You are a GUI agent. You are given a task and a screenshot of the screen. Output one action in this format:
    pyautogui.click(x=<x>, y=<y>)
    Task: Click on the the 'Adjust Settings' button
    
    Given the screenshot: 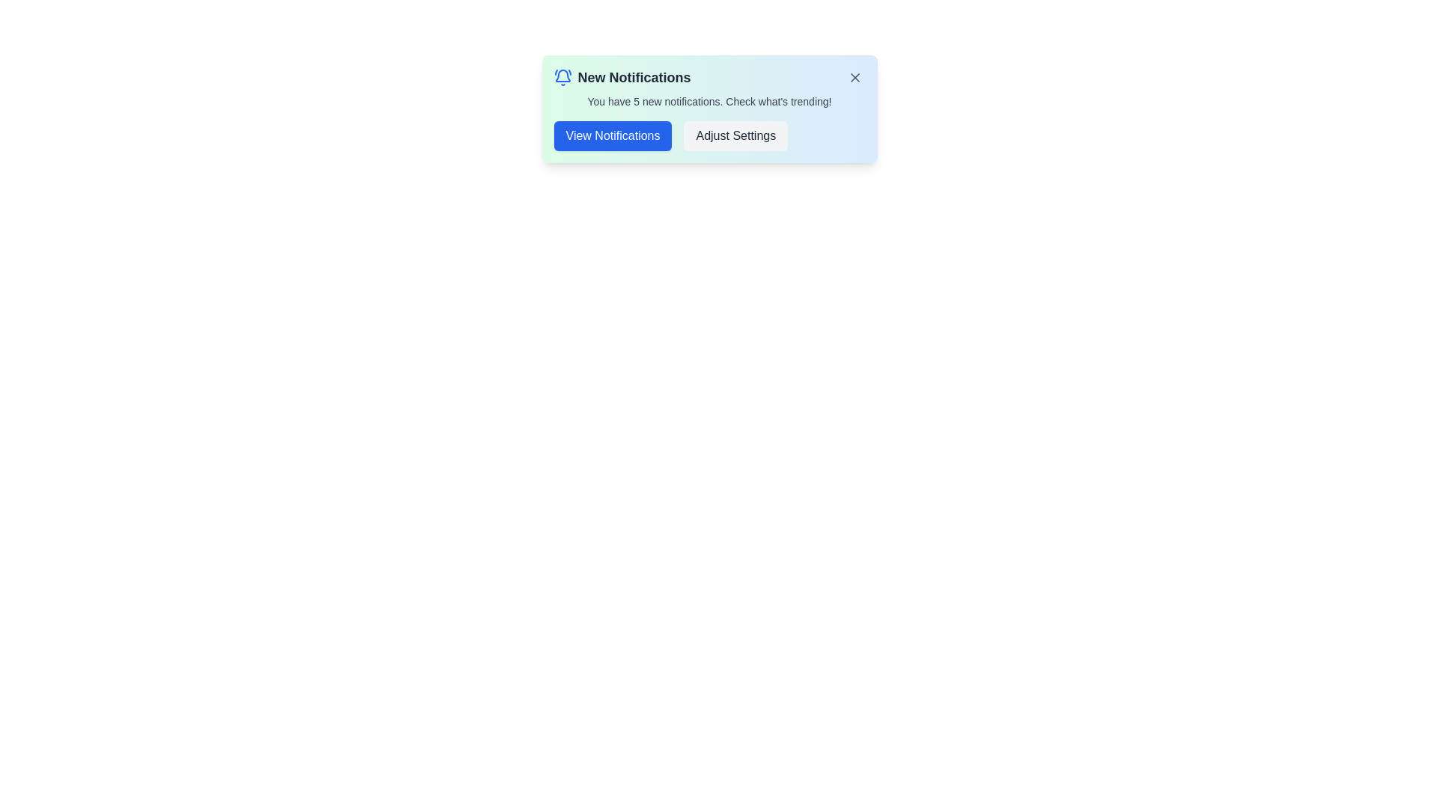 What is the action you would take?
    pyautogui.click(x=735, y=135)
    